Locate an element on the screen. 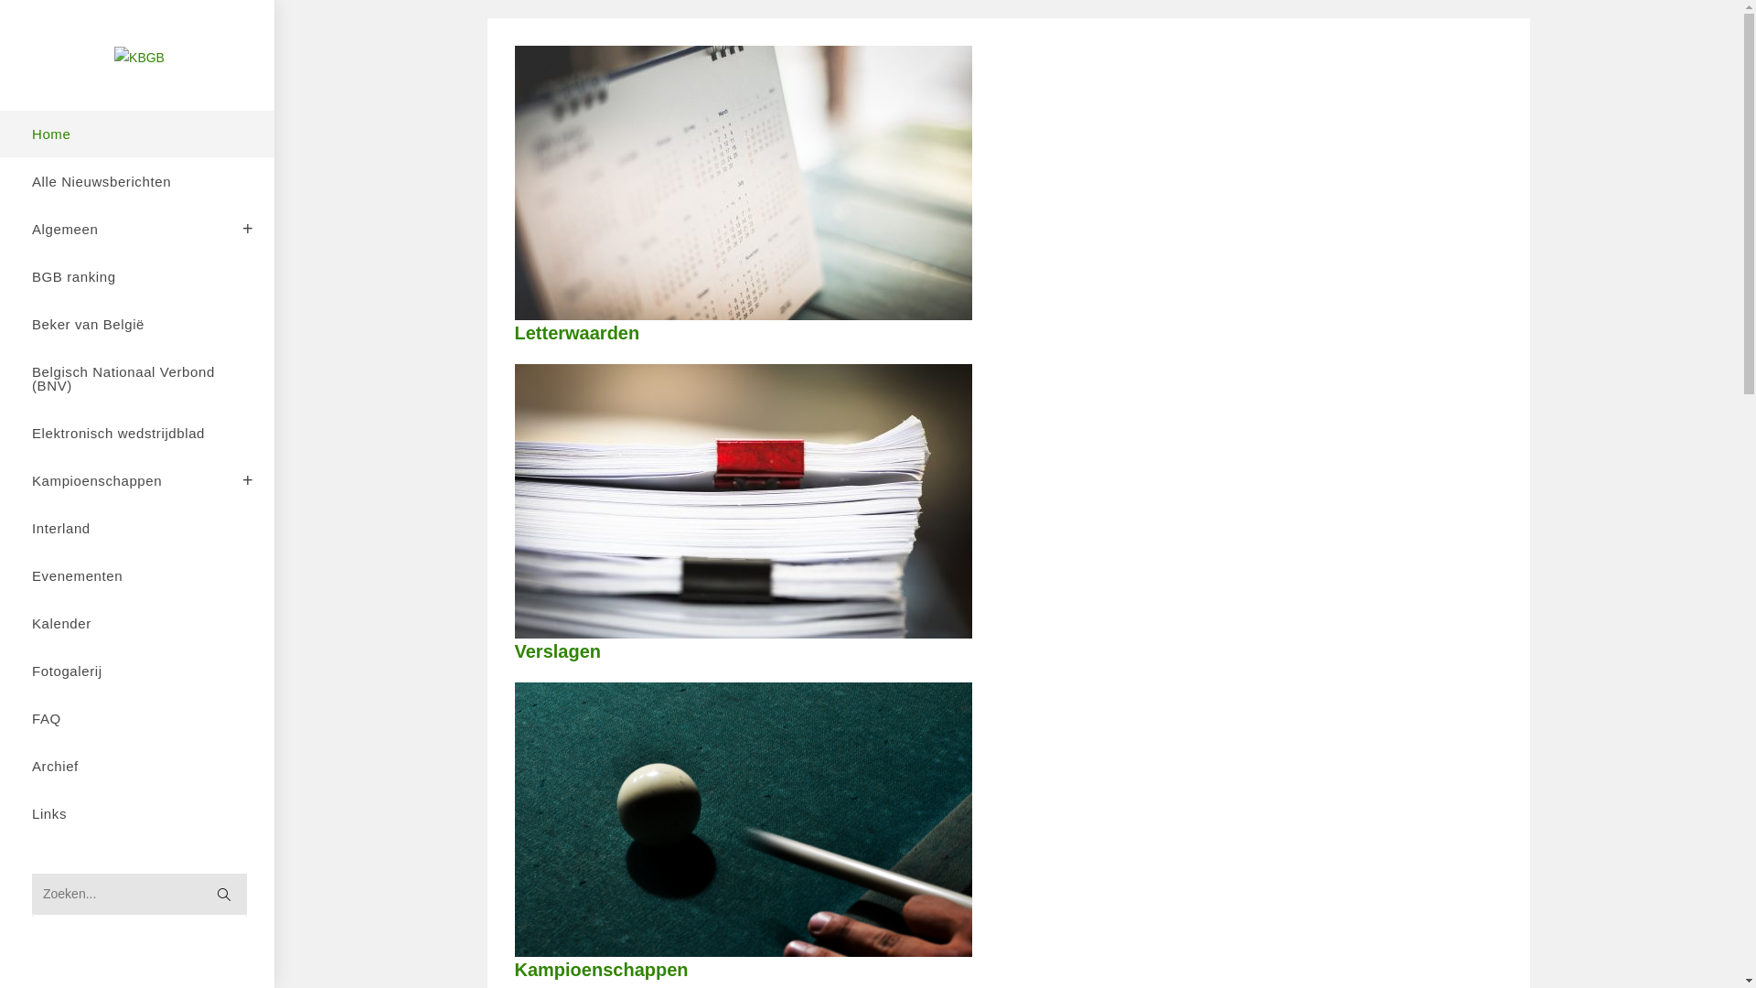 Image resolution: width=1756 pixels, height=988 pixels. 'Home' is located at coordinates (135, 133).